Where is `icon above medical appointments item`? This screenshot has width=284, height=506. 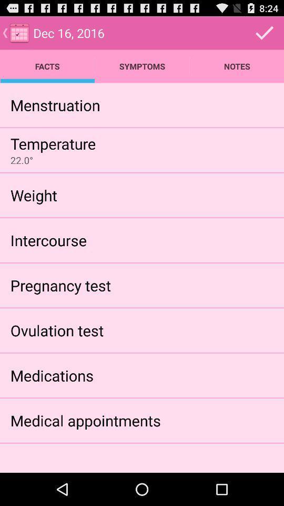 icon above medical appointments item is located at coordinates (51, 375).